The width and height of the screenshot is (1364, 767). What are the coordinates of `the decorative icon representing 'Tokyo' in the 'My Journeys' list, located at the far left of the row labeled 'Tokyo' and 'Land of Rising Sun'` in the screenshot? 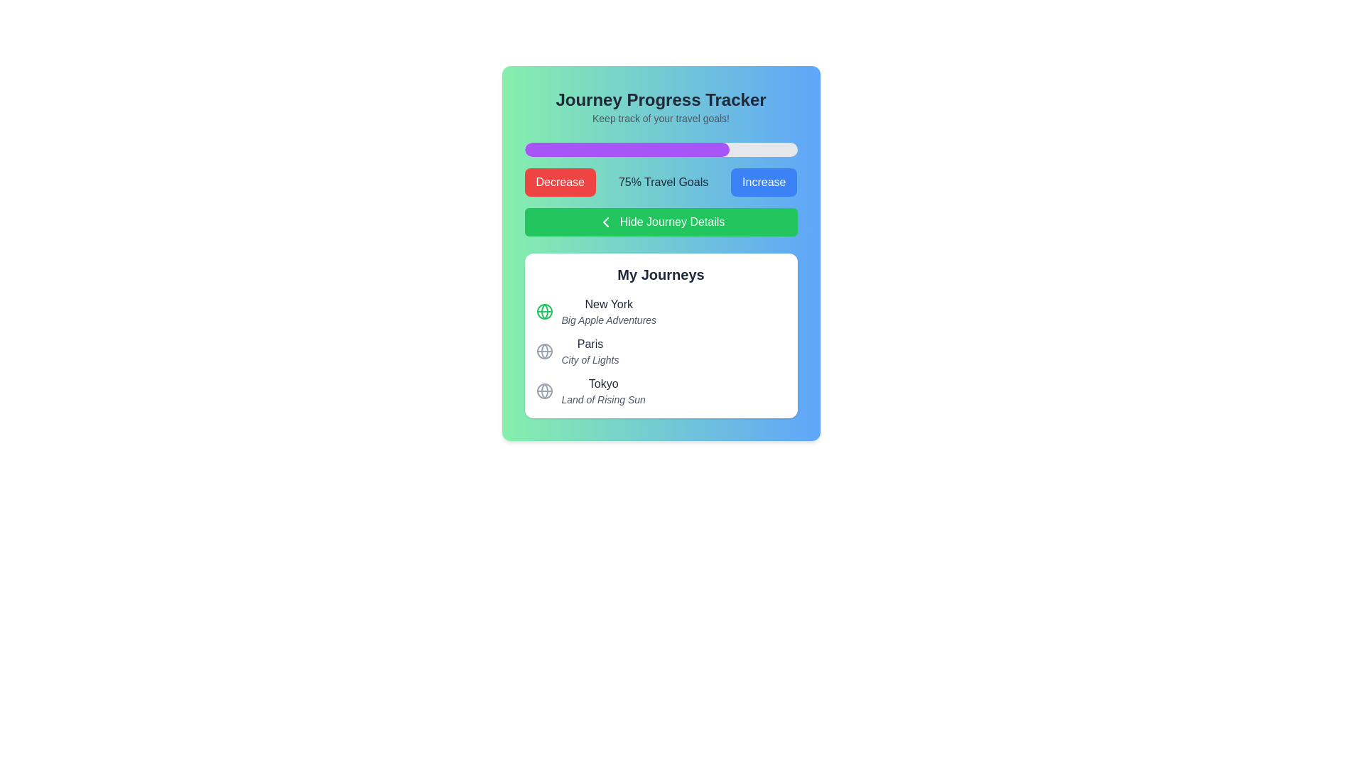 It's located at (543, 391).